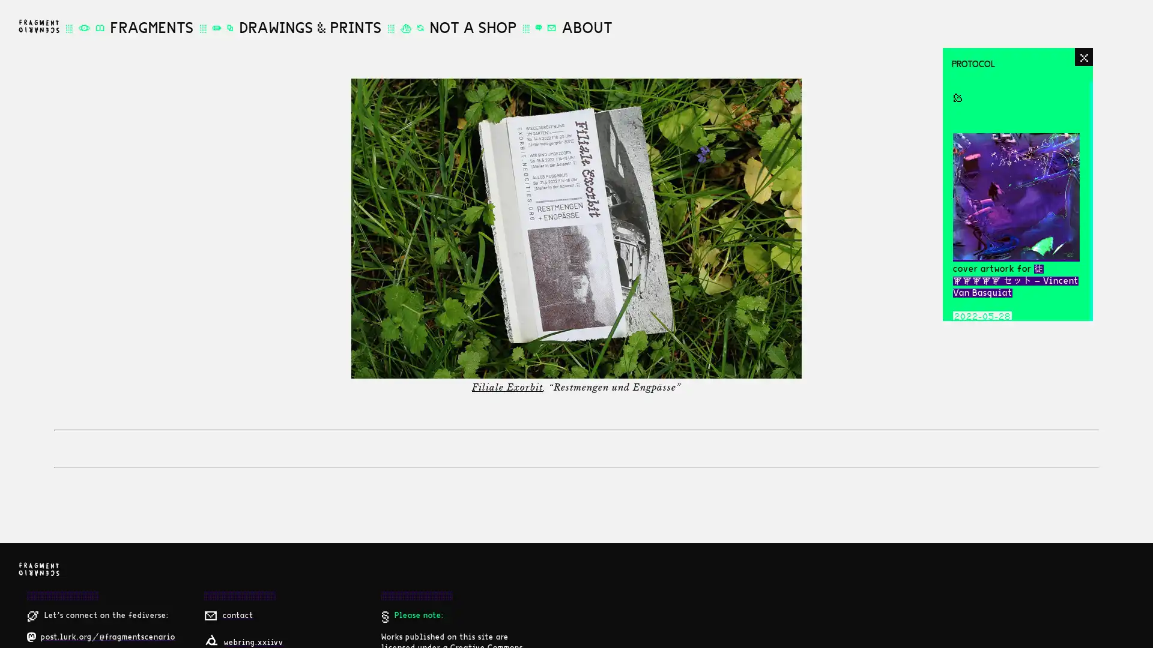 Image resolution: width=1153 pixels, height=648 pixels. What do you see at coordinates (1083, 57) in the screenshot?
I see `Close` at bounding box center [1083, 57].